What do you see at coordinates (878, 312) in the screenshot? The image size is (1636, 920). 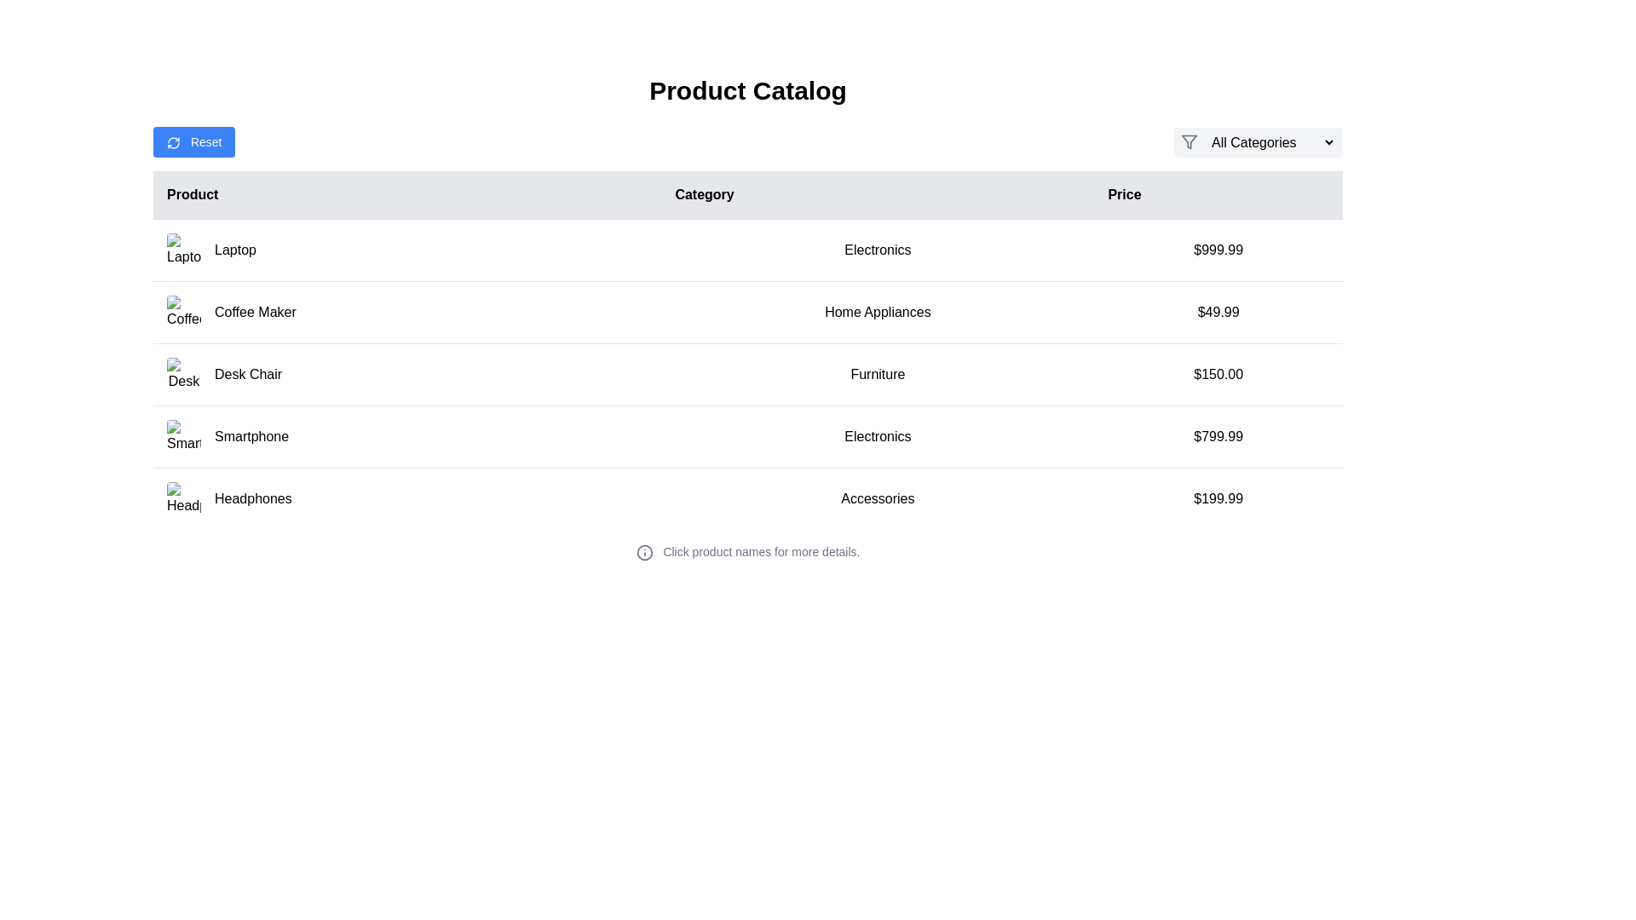 I see `the static text label that displays the product category in the second row of the table under the 'Category' header, located between 'Coffee Maker' and the price '$49.99'` at bounding box center [878, 312].